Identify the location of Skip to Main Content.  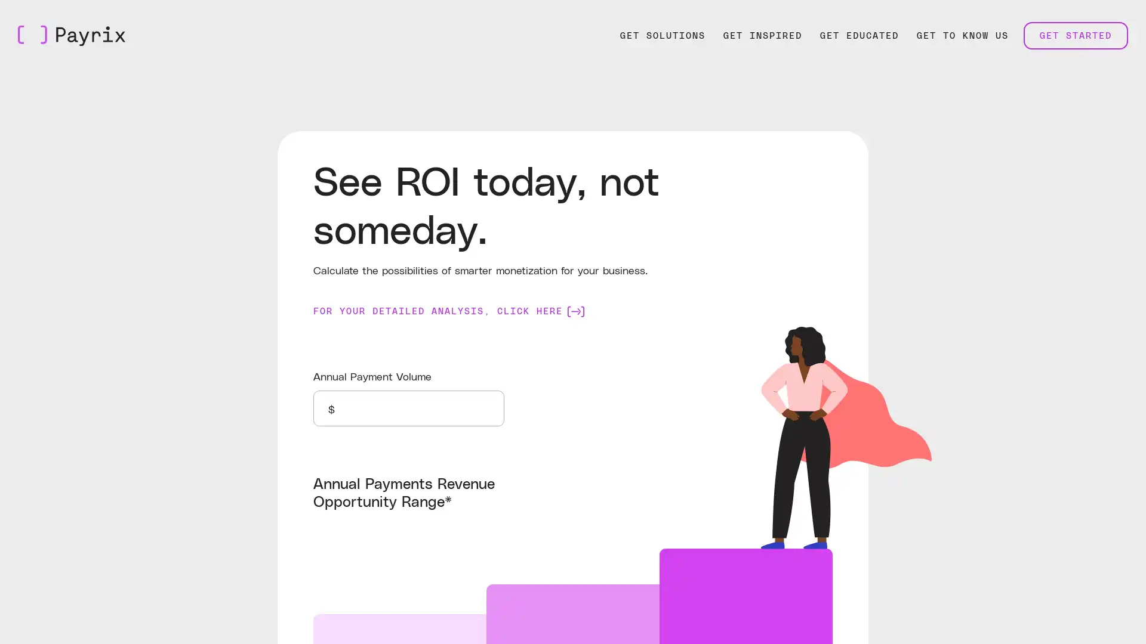
(12, 12).